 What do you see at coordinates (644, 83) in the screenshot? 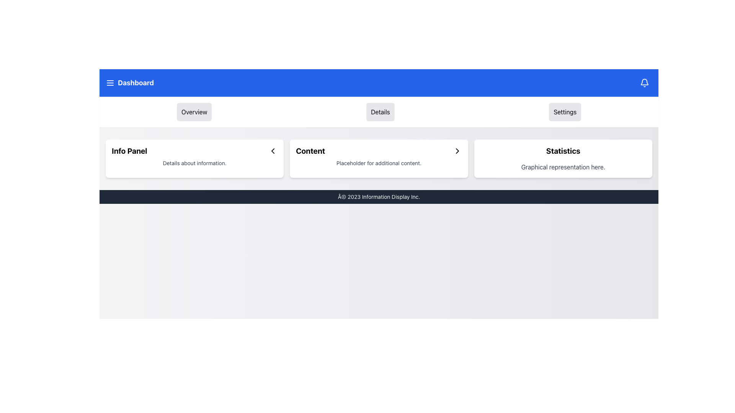
I see `the bell icon button located at the top-right corner of the interface` at bounding box center [644, 83].